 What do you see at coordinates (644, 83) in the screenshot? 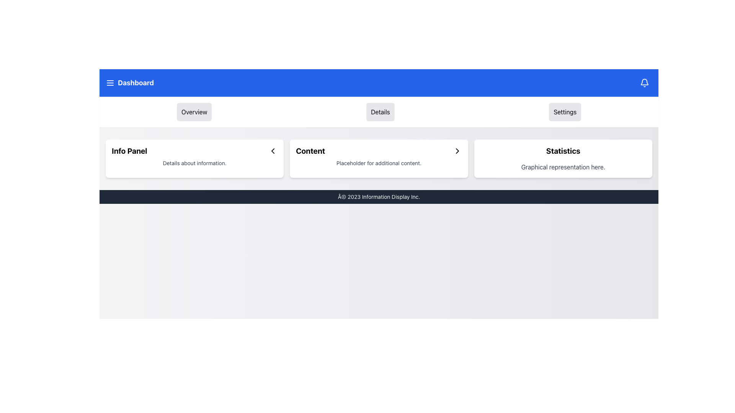
I see `the bell icon button located at the top-right corner of the interface` at bounding box center [644, 83].